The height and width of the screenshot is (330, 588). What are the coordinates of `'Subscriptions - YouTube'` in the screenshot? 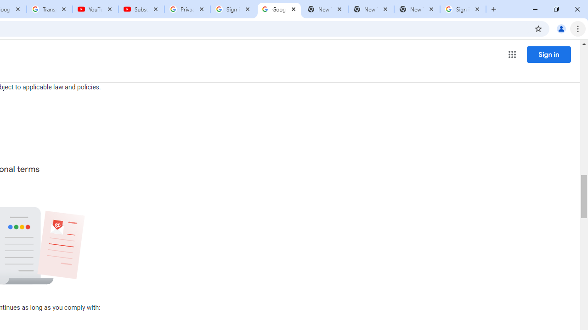 It's located at (141, 9).